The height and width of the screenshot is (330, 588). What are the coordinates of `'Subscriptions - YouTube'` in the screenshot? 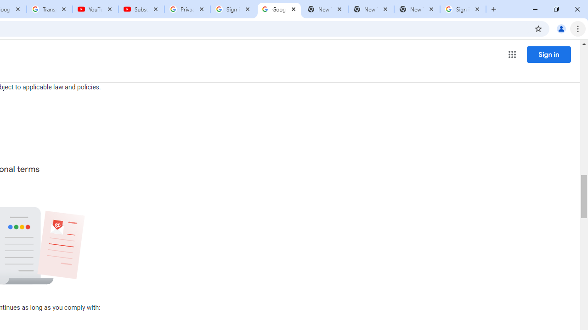 It's located at (141, 9).